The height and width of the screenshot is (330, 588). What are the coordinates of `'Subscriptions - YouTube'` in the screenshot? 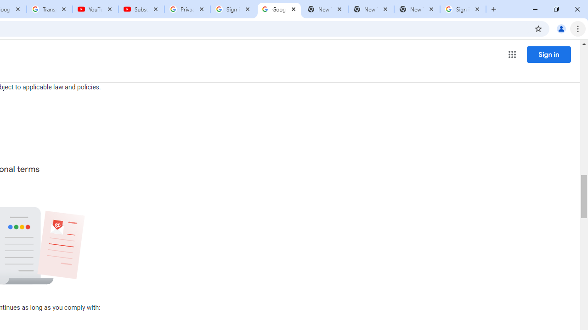 It's located at (141, 9).